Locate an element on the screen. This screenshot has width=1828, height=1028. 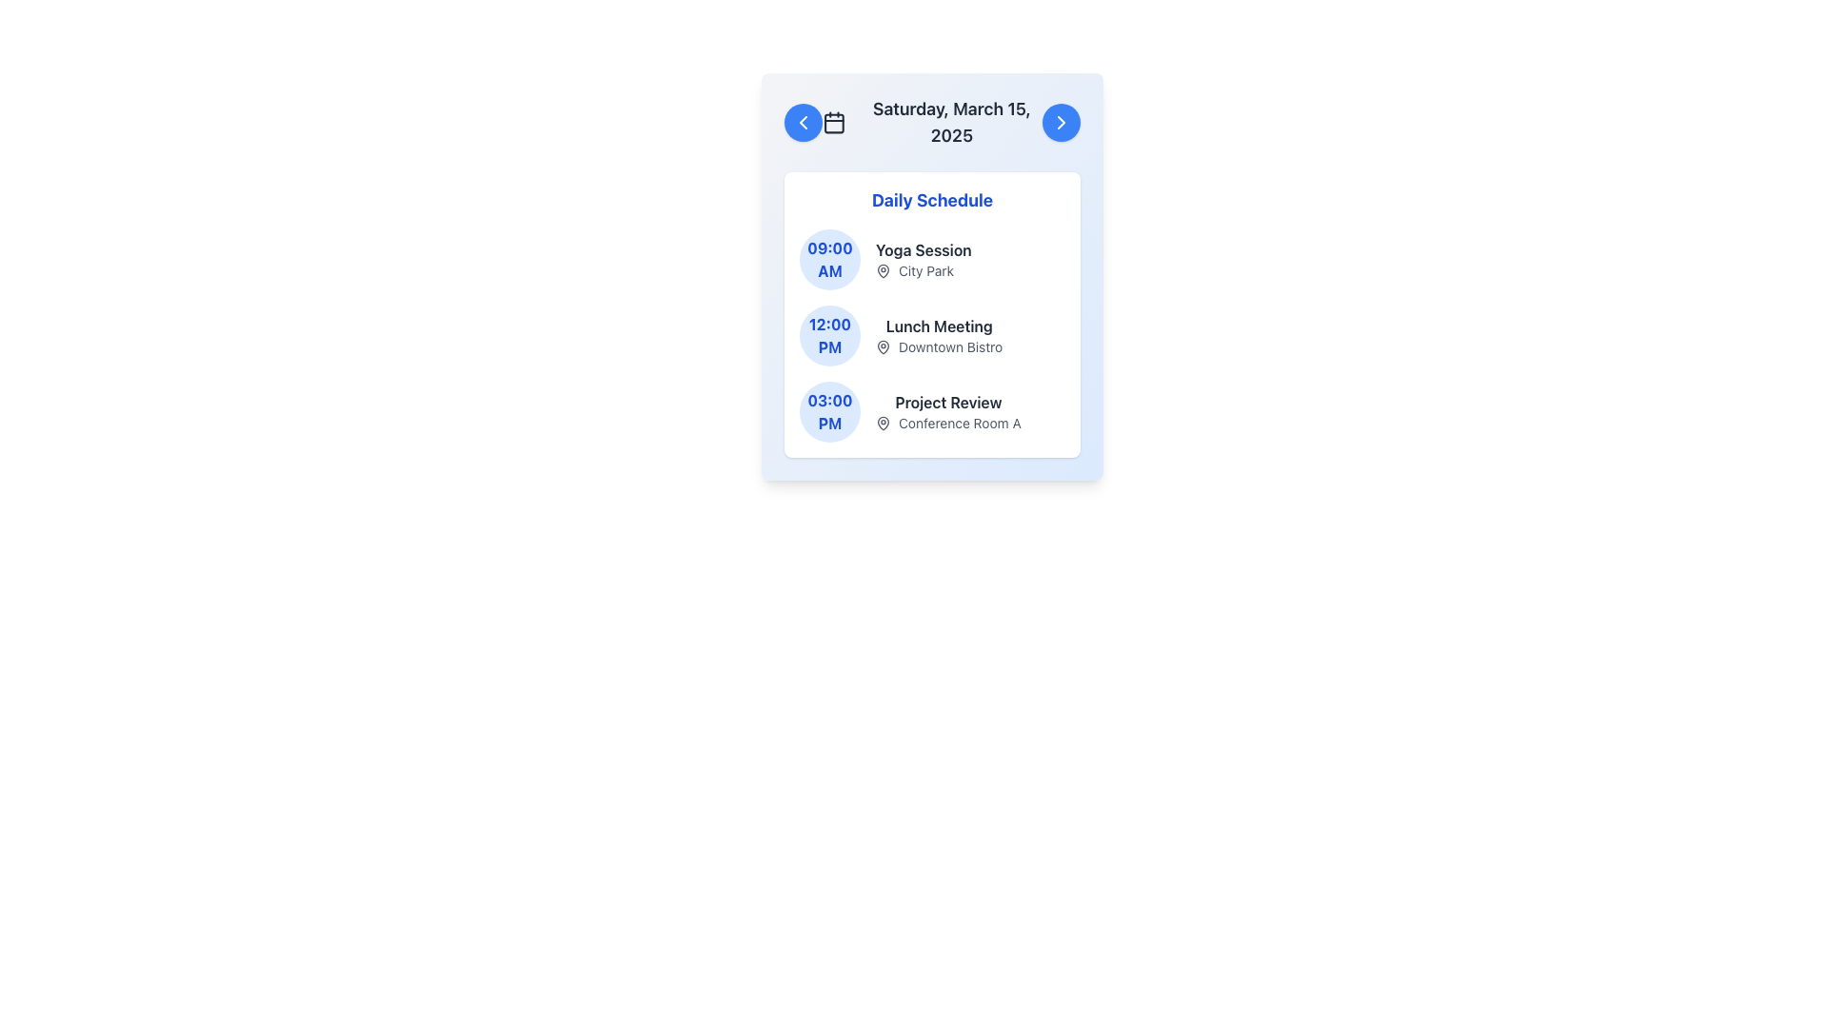
the first entry of the 'Daily Schedule' which displays the time, title, and location of an event is located at coordinates (932, 260).